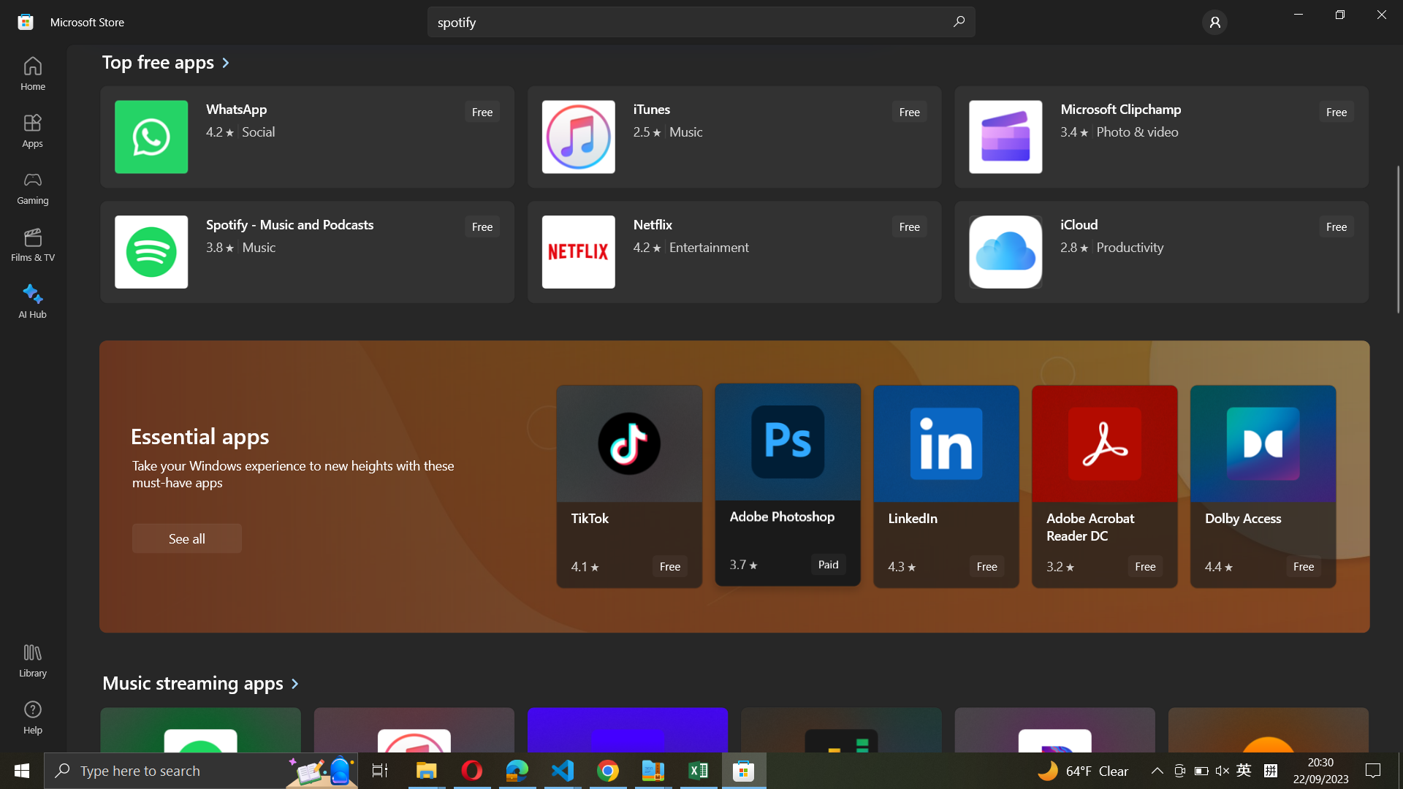 The width and height of the screenshot is (1403, 789). What do you see at coordinates (1512434, 524685) in the screenshot?
I see `Photoshop` at bounding box center [1512434, 524685].